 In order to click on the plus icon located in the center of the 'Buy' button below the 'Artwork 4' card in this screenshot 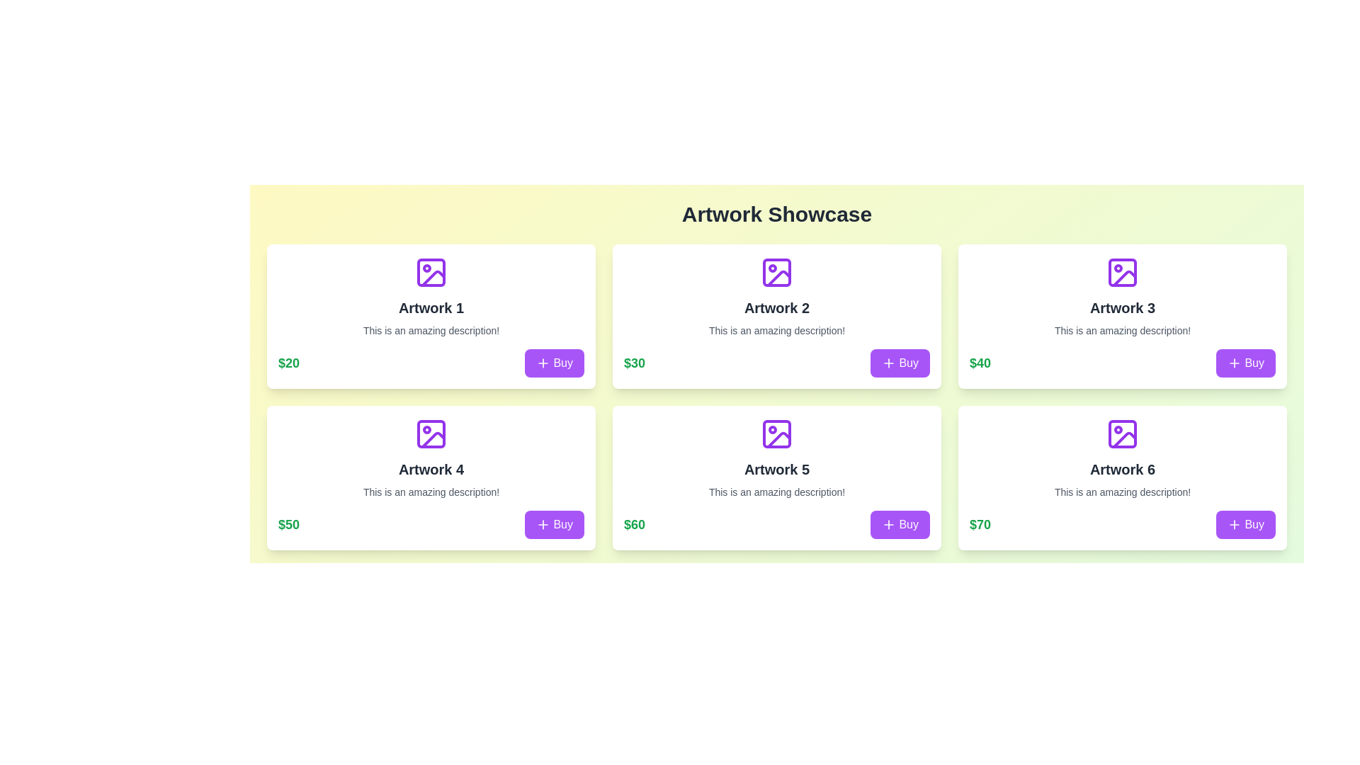, I will do `click(543, 524)`.